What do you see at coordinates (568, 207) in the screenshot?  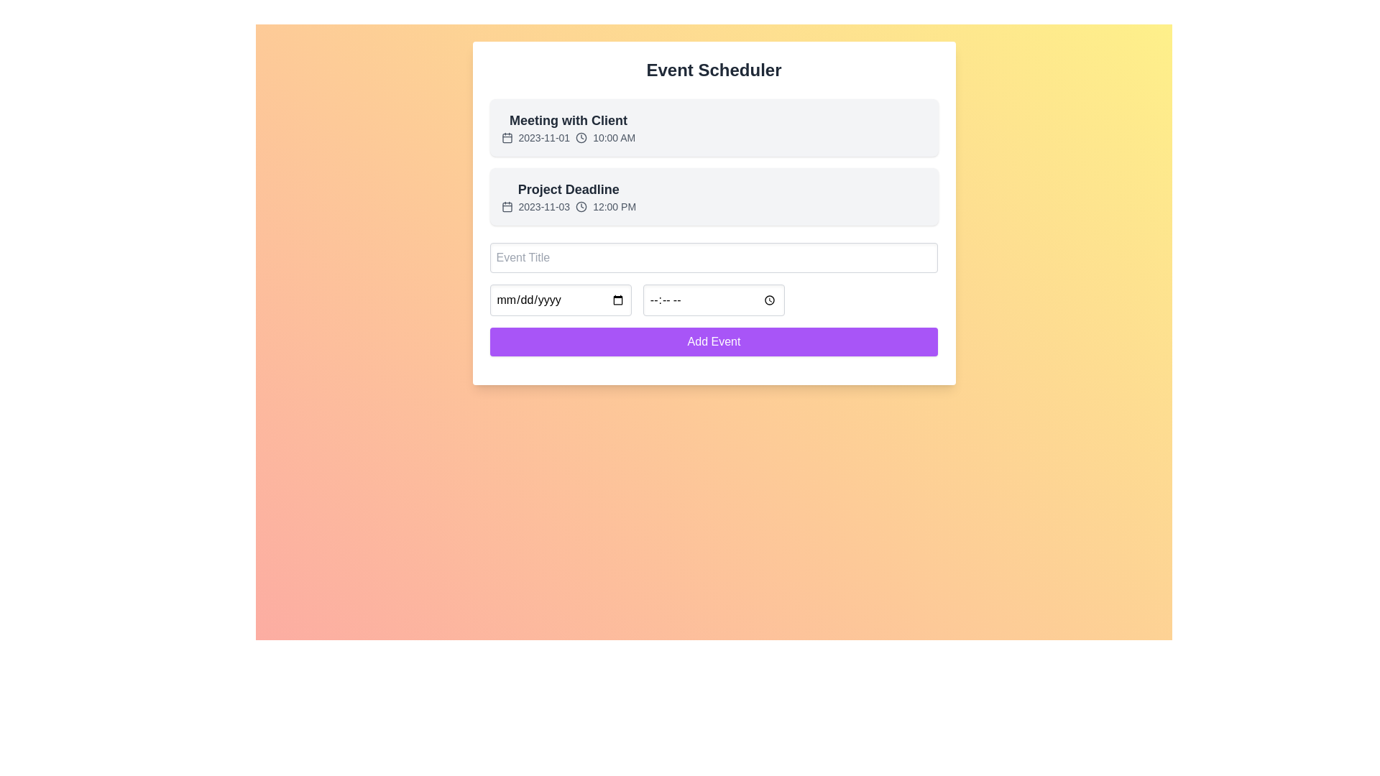 I see `the text display element that shows the scheduled date and time for the event named 'Project Deadline', located below the 'Project Deadline' label and flanked by icons` at bounding box center [568, 207].